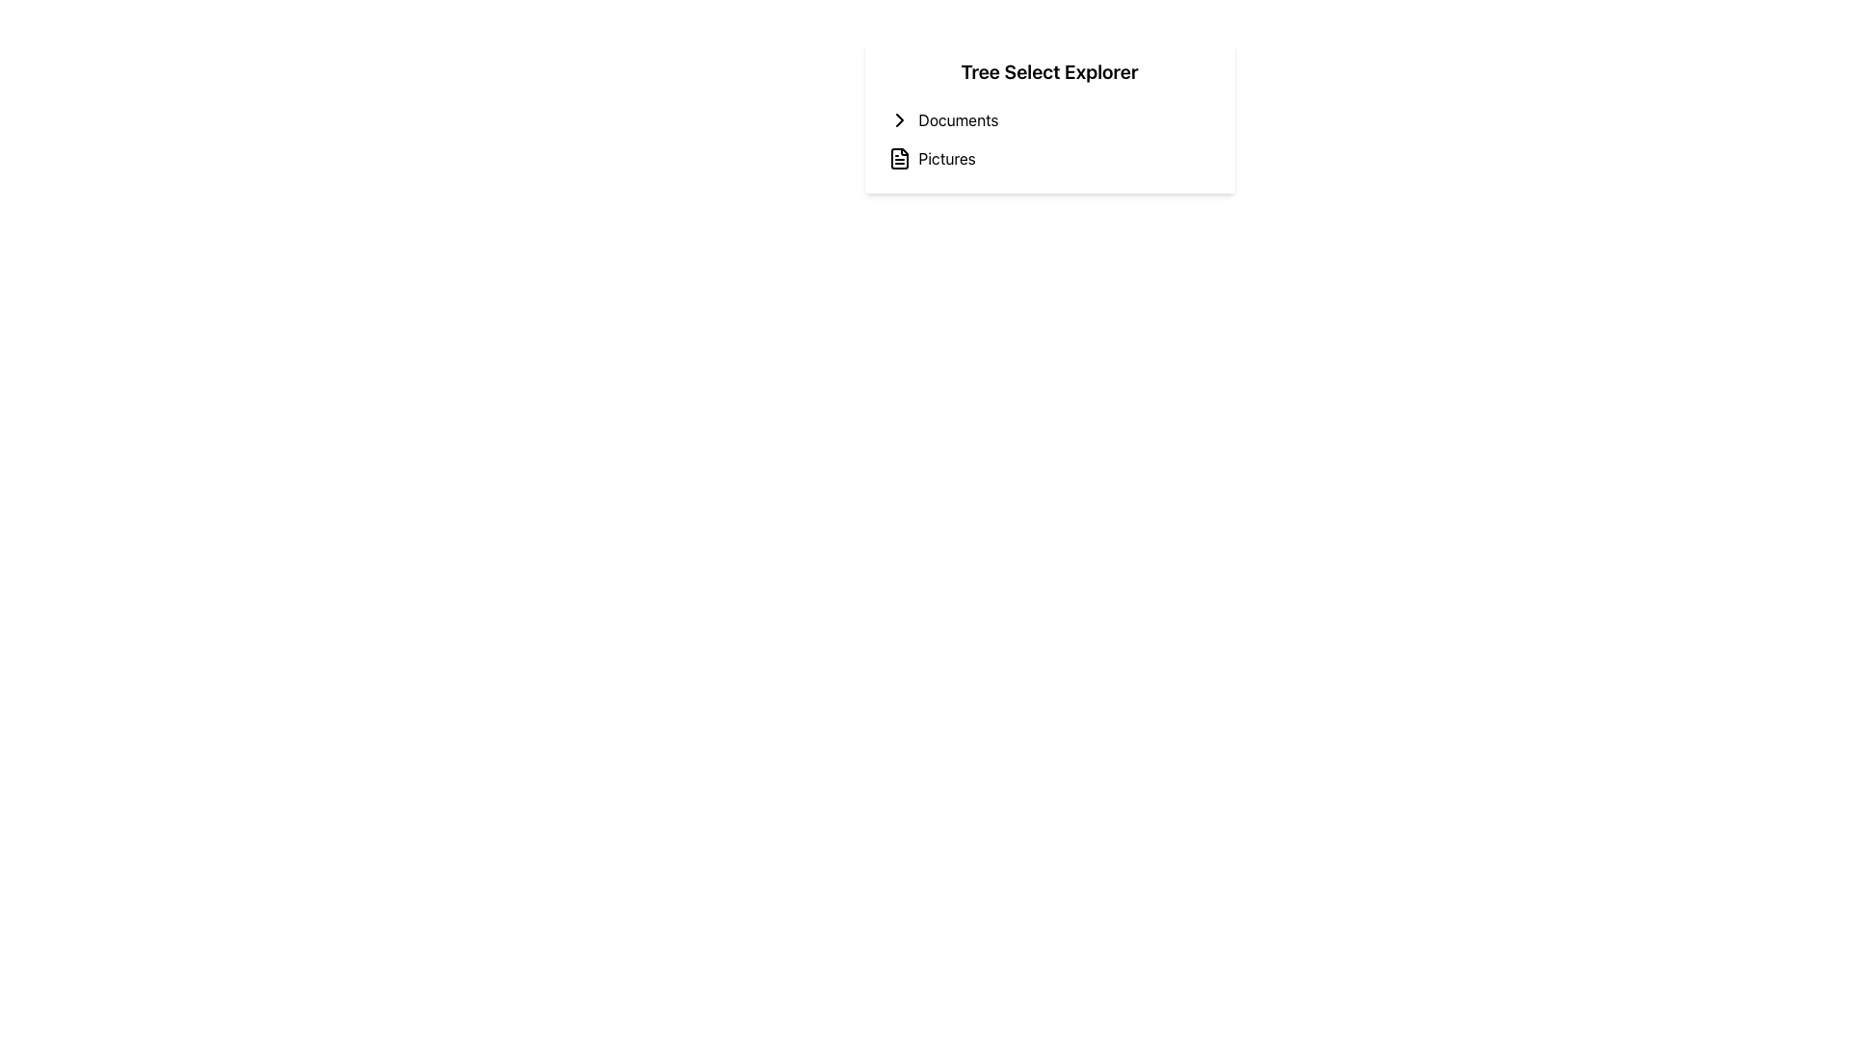  I want to click on the first icon in the navigation tree representing the 'Pictures' item, so click(898, 158).